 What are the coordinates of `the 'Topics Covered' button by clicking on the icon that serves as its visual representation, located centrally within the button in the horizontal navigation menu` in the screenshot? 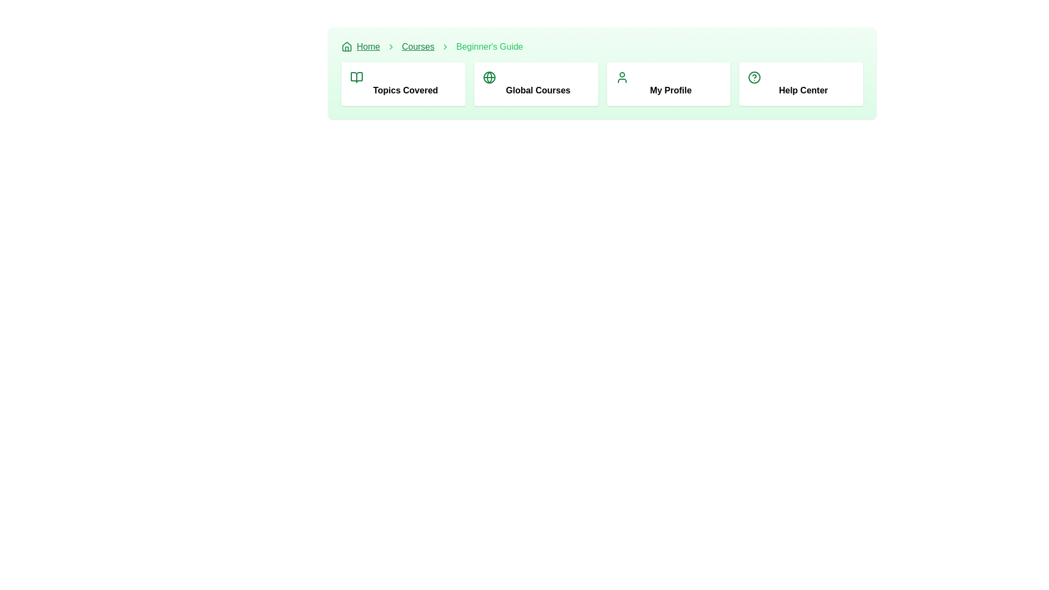 It's located at (356, 77).